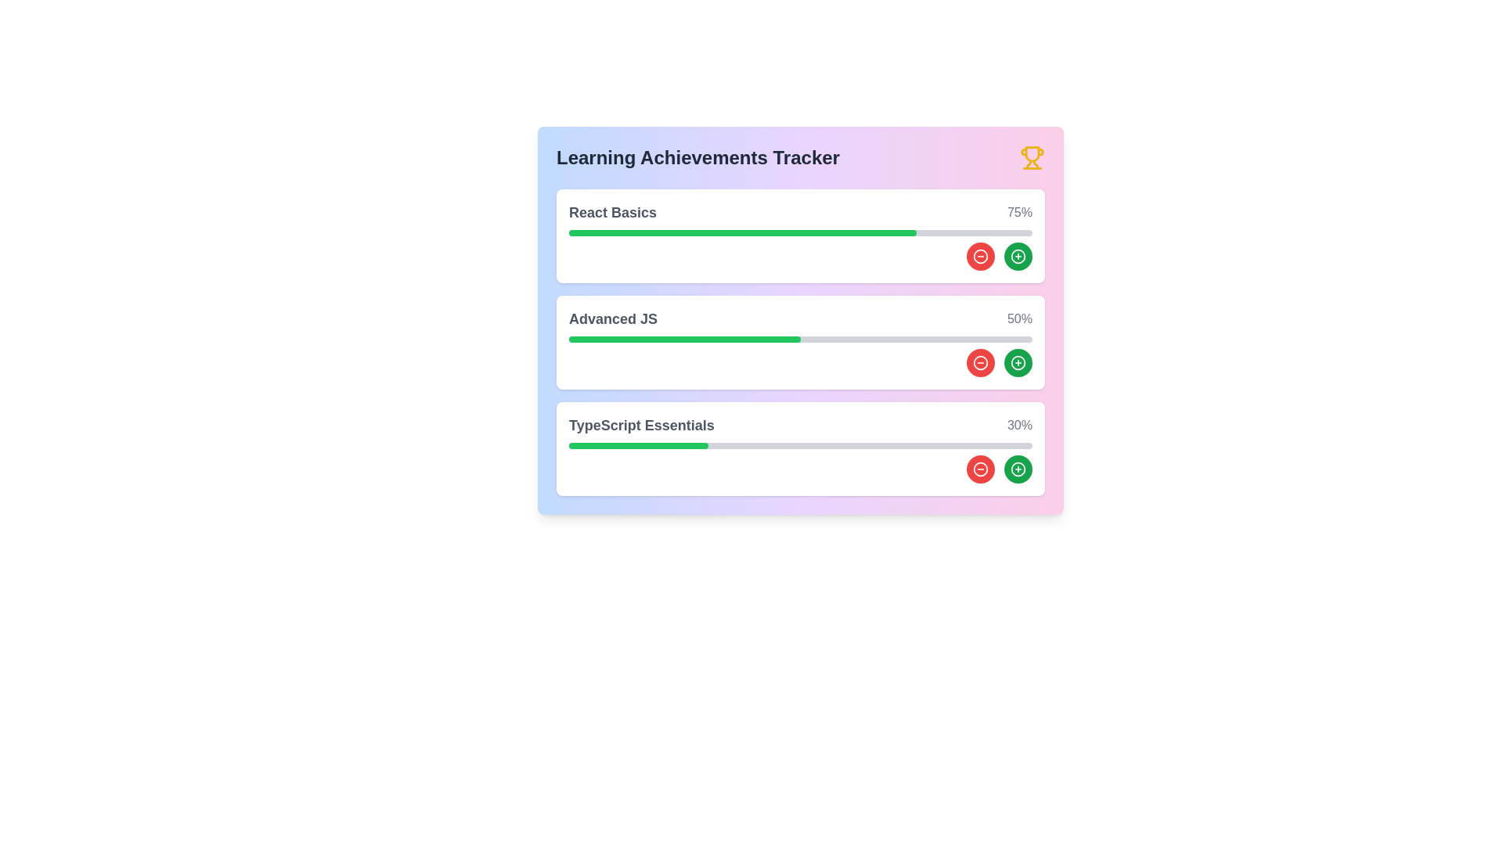  Describe the element at coordinates (1019, 425) in the screenshot. I see `the static textual display indicating the progress percentage (30%) of the 'TypeScript Essentials' learning module, located adjacent to the progress bar` at that location.